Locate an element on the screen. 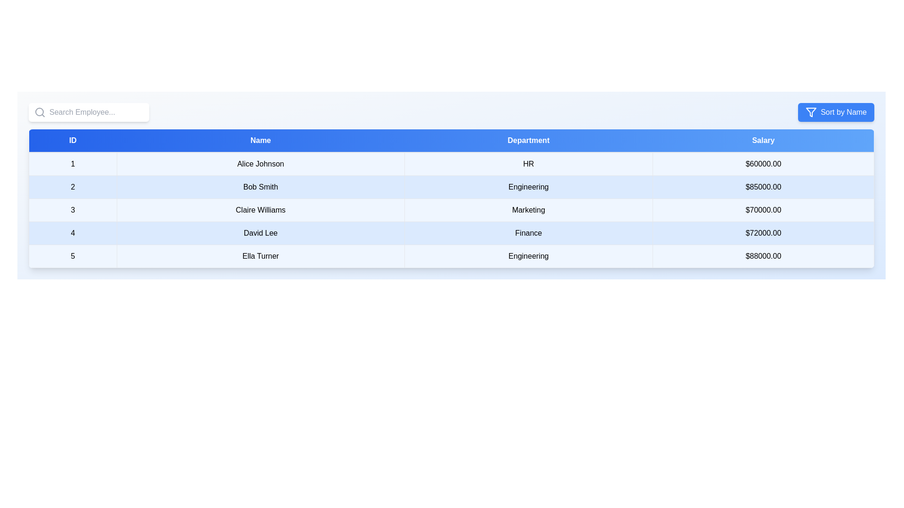  the filter/sorting icon located at the top right of the interface, which is part of a button preceding the text 'Sort by Name' is located at coordinates (811, 112).